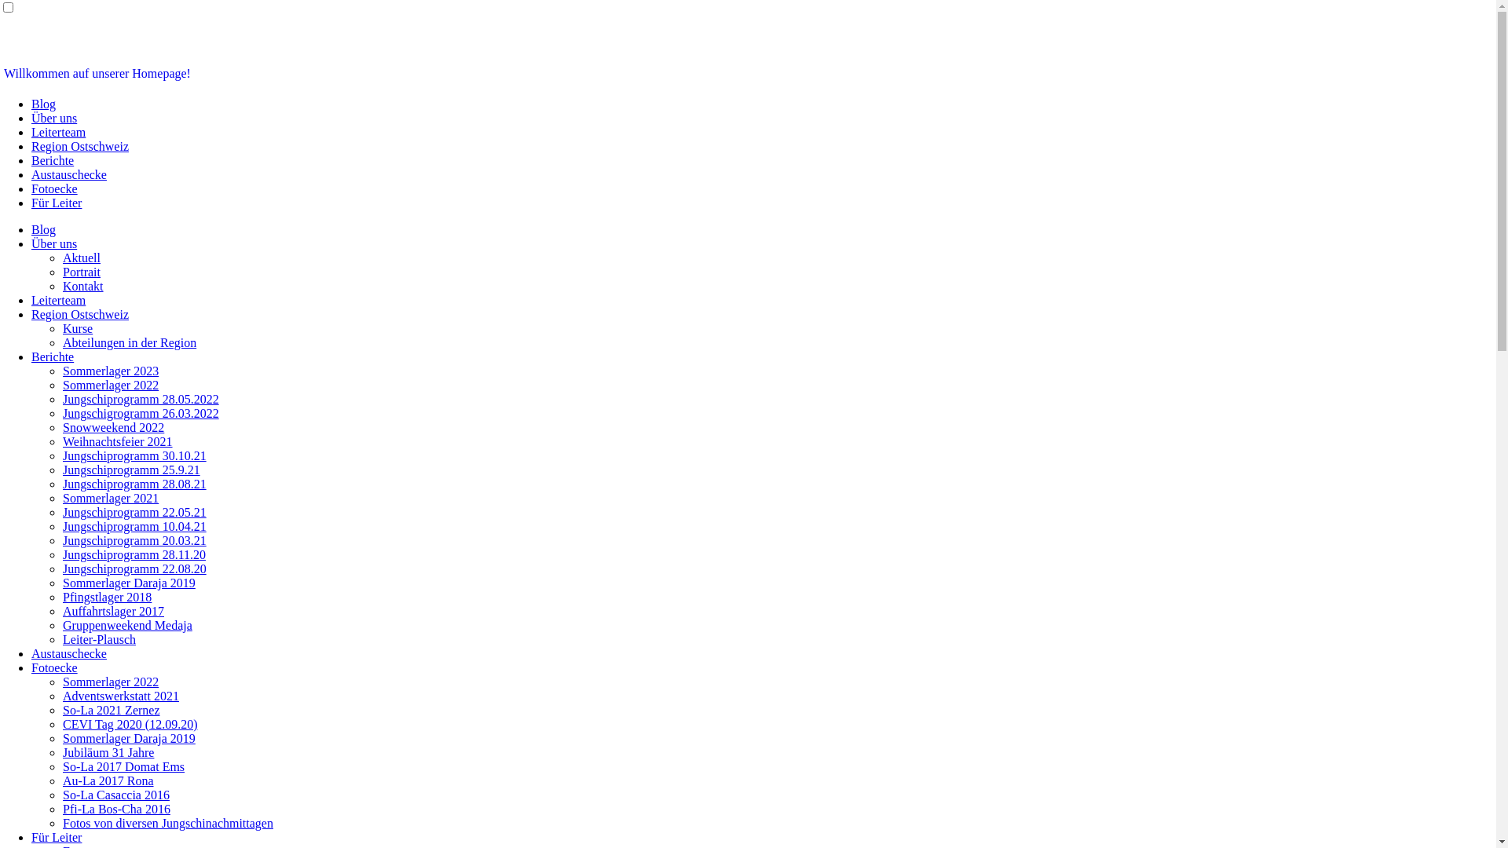 The width and height of the screenshot is (1508, 848). Describe the element at coordinates (68, 174) in the screenshot. I see `'Austauschecke'` at that location.